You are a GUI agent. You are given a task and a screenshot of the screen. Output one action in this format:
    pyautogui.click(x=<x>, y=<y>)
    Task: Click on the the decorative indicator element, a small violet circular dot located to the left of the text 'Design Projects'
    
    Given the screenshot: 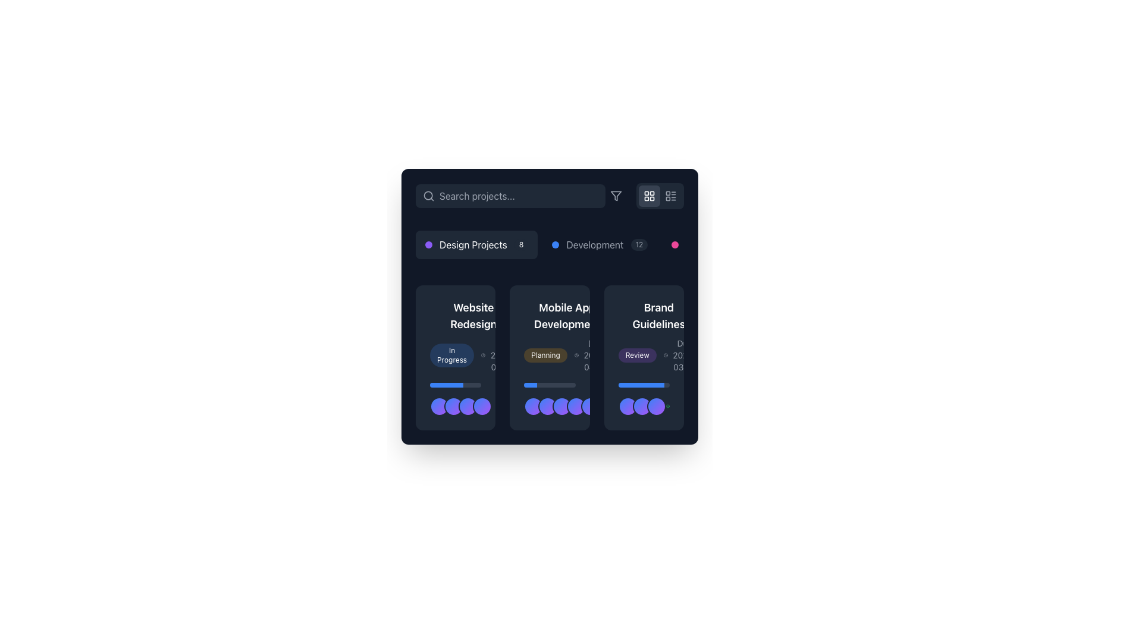 What is the action you would take?
    pyautogui.click(x=428, y=244)
    